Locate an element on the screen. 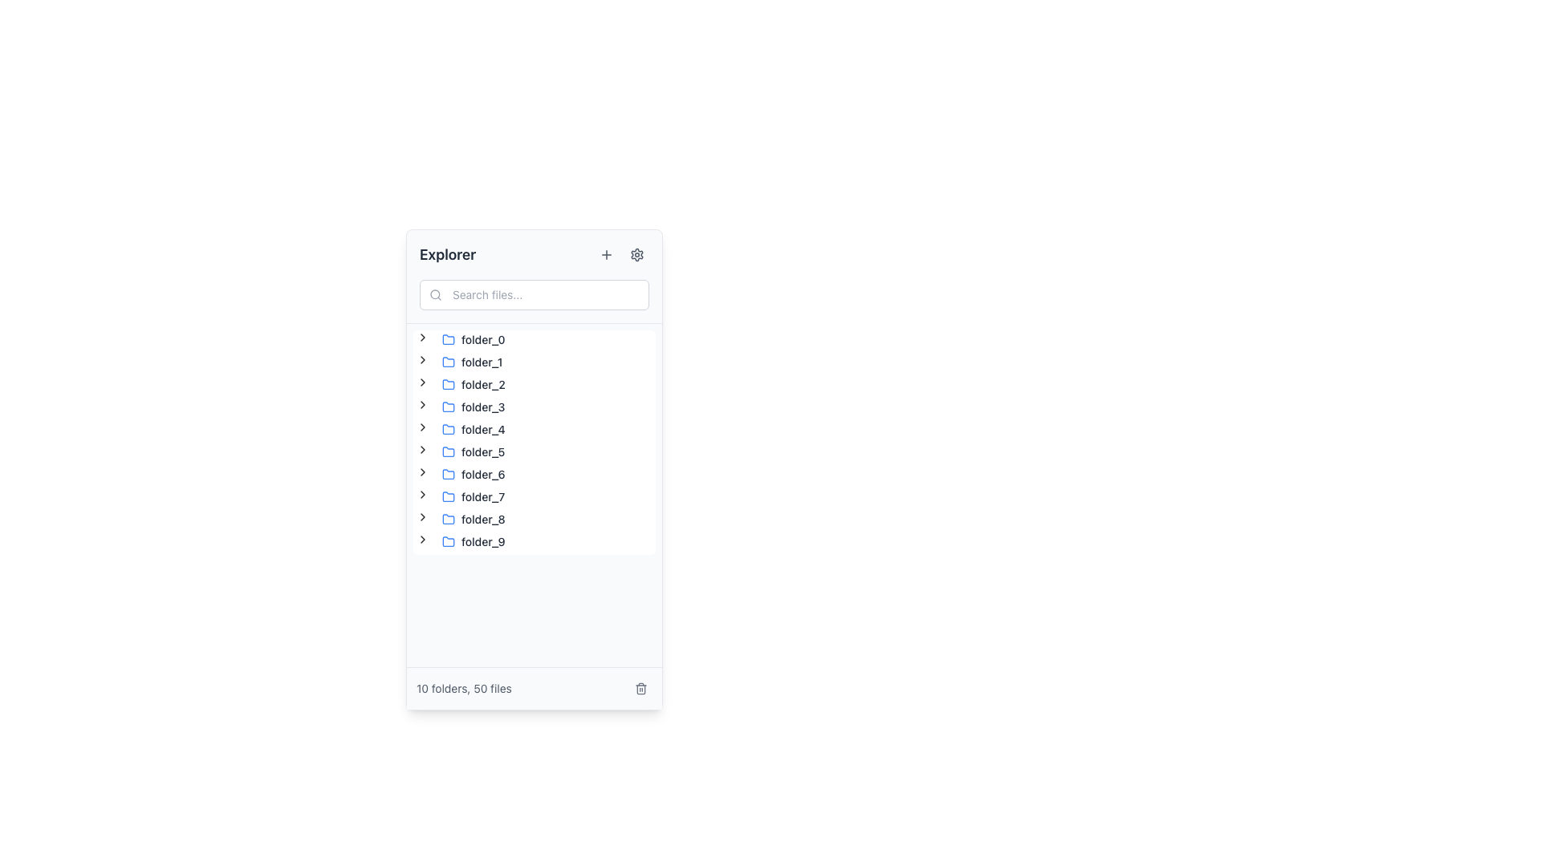 This screenshot has height=866, width=1541. the label for the folder named 'folder_8' is located at coordinates (482, 520).